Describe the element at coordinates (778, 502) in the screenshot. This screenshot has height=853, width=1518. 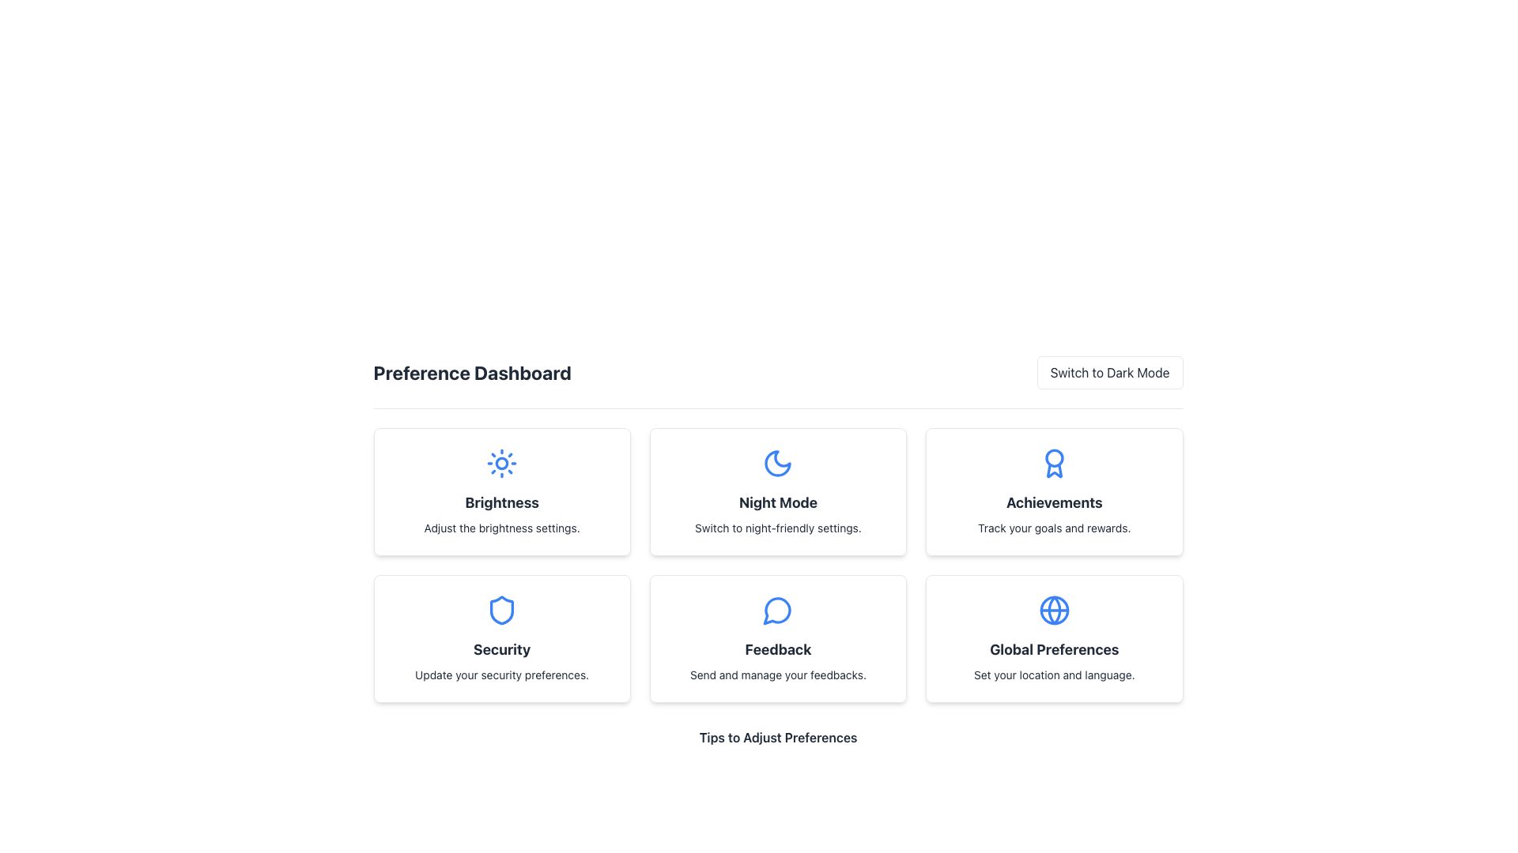
I see `the 'Night Mode' title text label which indicates the feature related to switching to a night-friendly interface setting` at that location.